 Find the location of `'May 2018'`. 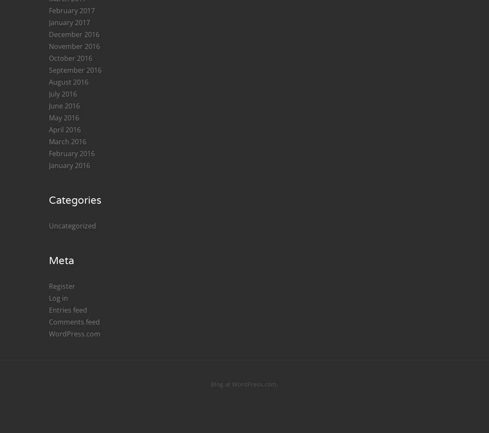

'May 2018' is located at coordinates (63, 241).